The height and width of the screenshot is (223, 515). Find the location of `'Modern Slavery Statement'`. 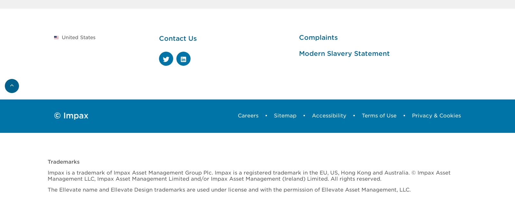

'Modern Slavery Statement' is located at coordinates (298, 53).